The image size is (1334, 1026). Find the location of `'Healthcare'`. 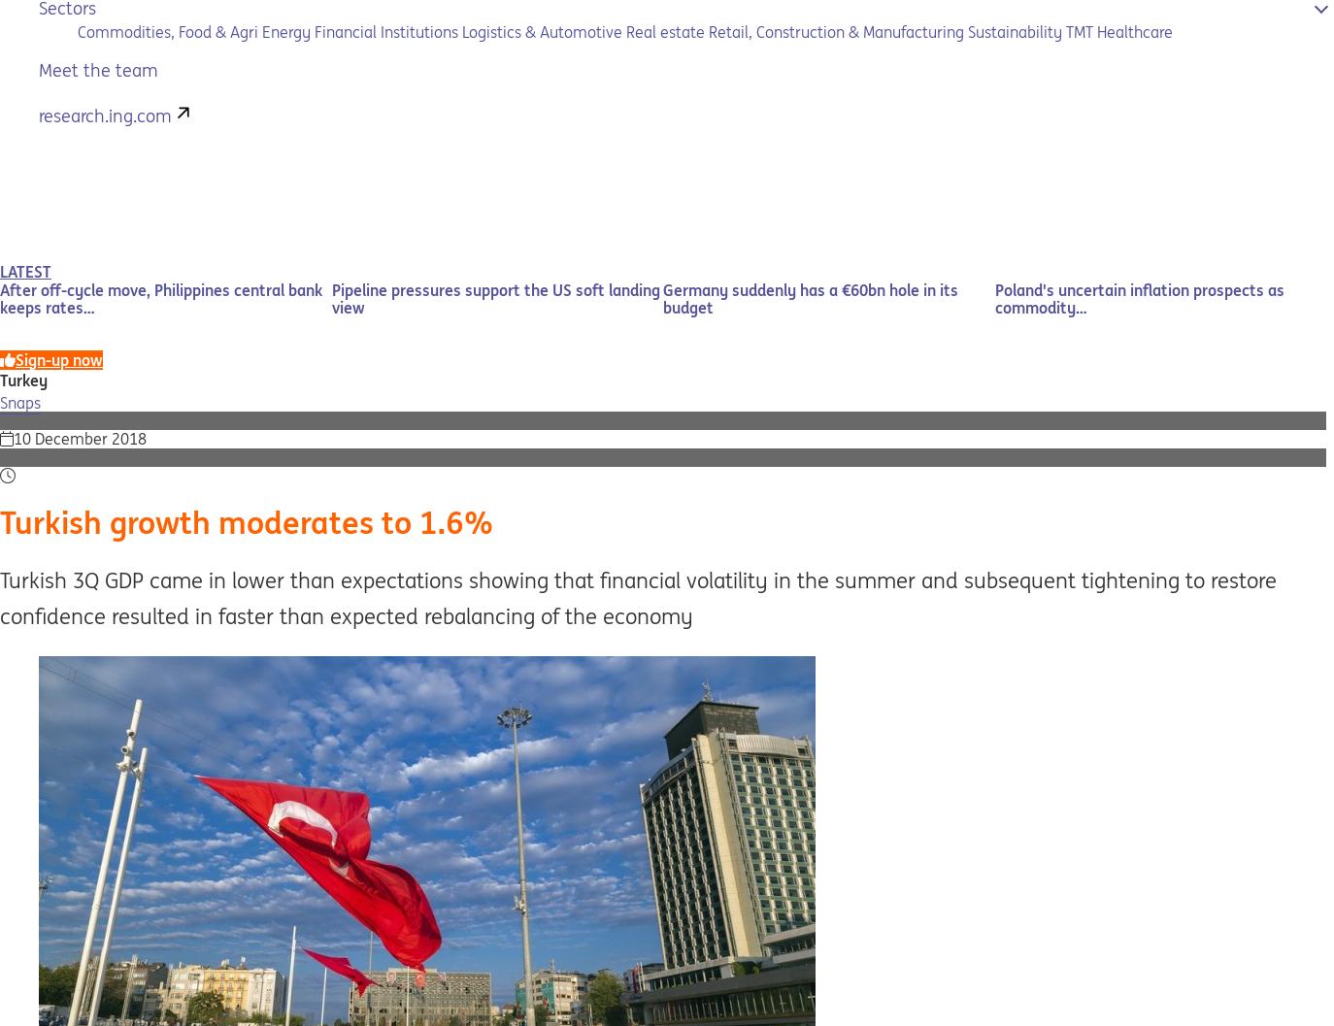

'Healthcare' is located at coordinates (1134, 31).